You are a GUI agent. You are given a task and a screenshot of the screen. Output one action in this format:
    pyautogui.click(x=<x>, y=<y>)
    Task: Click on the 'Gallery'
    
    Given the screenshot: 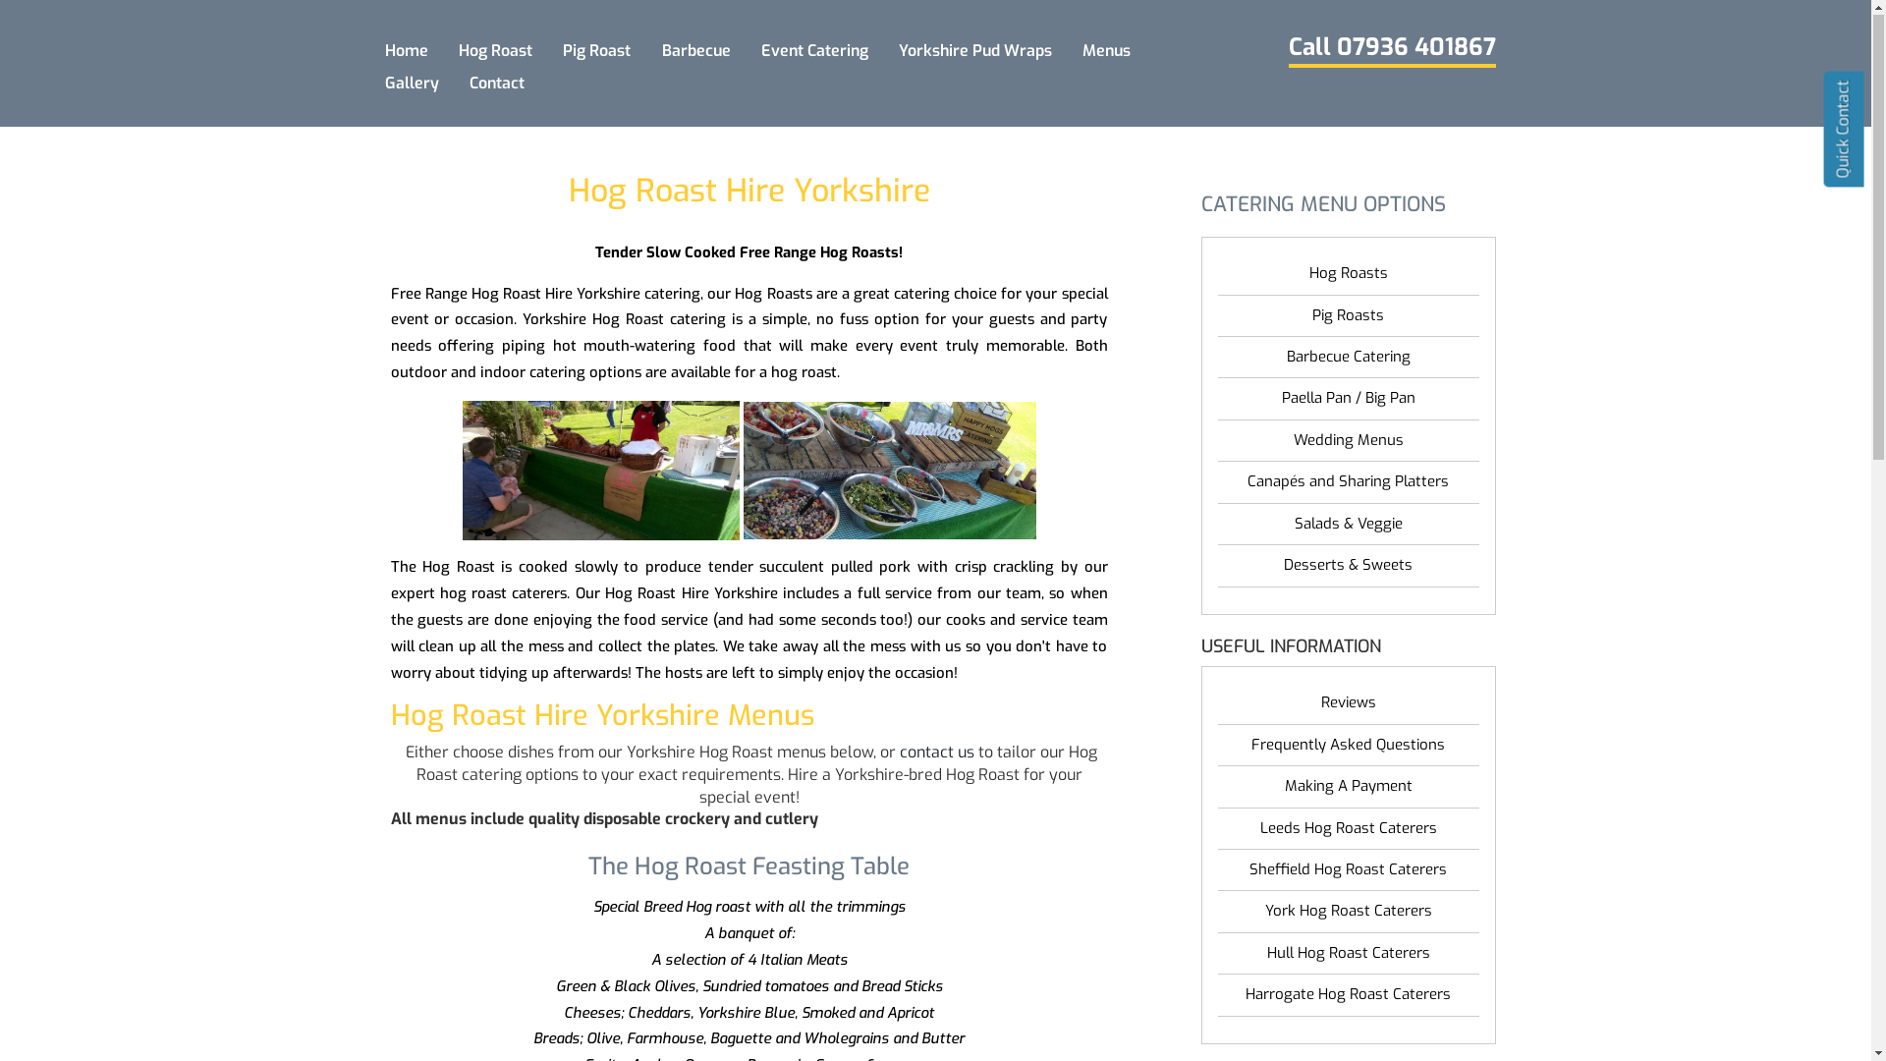 What is the action you would take?
    pyautogui.click(x=410, y=83)
    